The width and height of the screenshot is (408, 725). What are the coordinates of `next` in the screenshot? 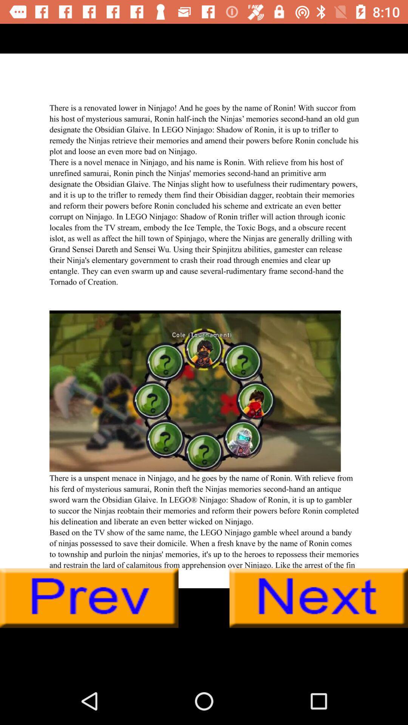 It's located at (318, 598).